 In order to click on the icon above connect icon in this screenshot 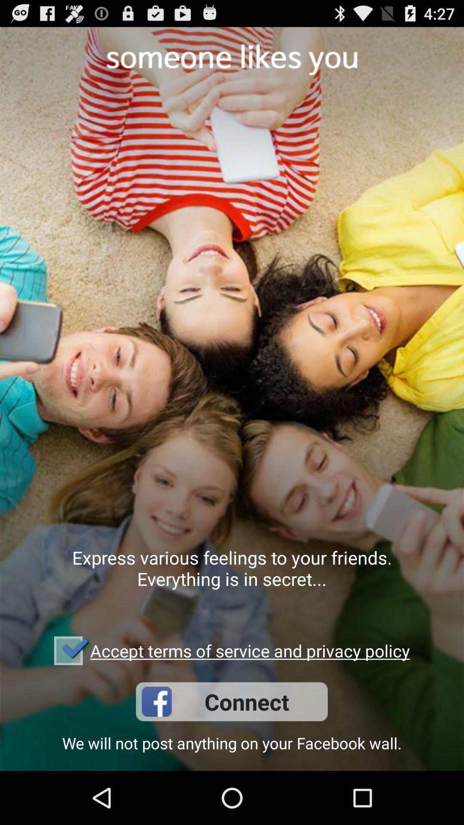, I will do `click(250, 651)`.